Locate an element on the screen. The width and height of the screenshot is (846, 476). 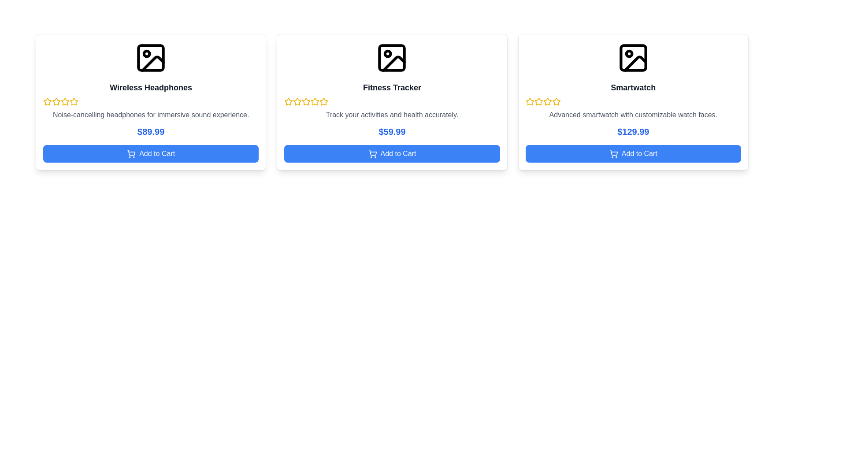
the second star in the star rating element under the title 'Fitness Tracker' to modify the rating is located at coordinates (315, 101).